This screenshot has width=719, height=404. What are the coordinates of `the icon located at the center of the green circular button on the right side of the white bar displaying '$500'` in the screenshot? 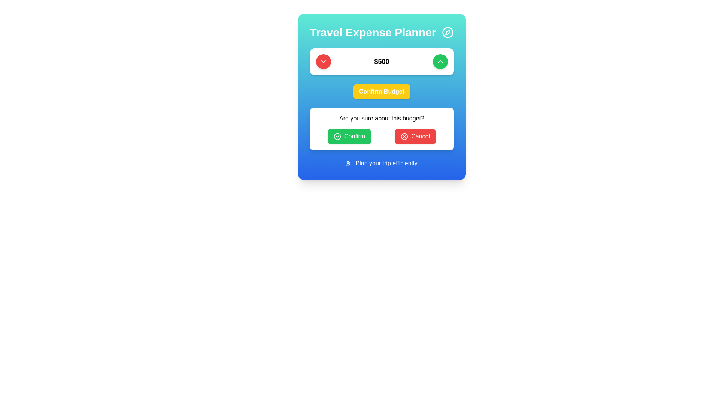 It's located at (440, 61).